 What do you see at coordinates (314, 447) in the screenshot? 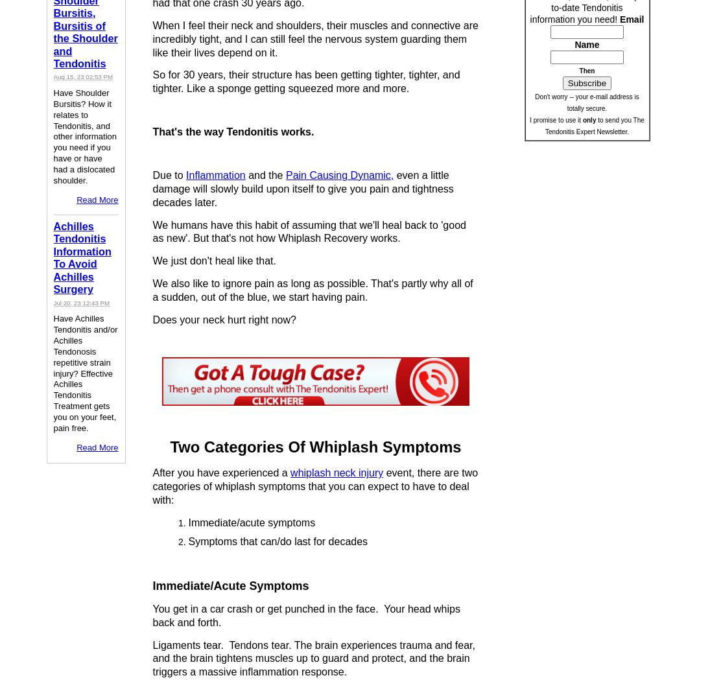
I see `'Two Categories Of Whiplash Symptoms'` at bounding box center [314, 447].